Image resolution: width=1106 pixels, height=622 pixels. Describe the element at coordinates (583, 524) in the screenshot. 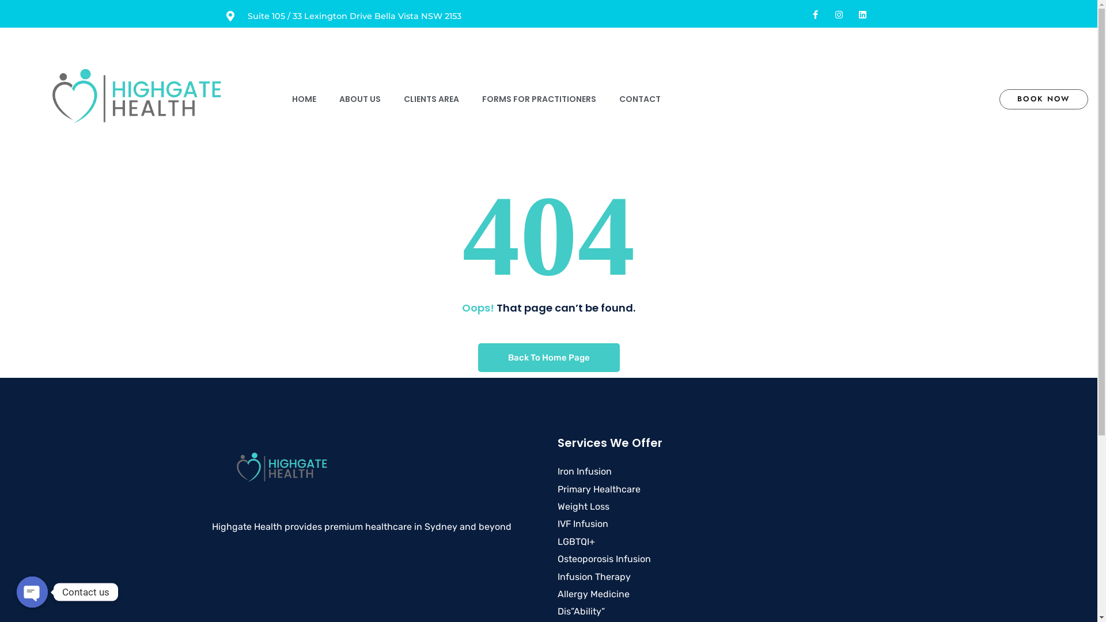

I see `'IVF Infusion'` at that location.